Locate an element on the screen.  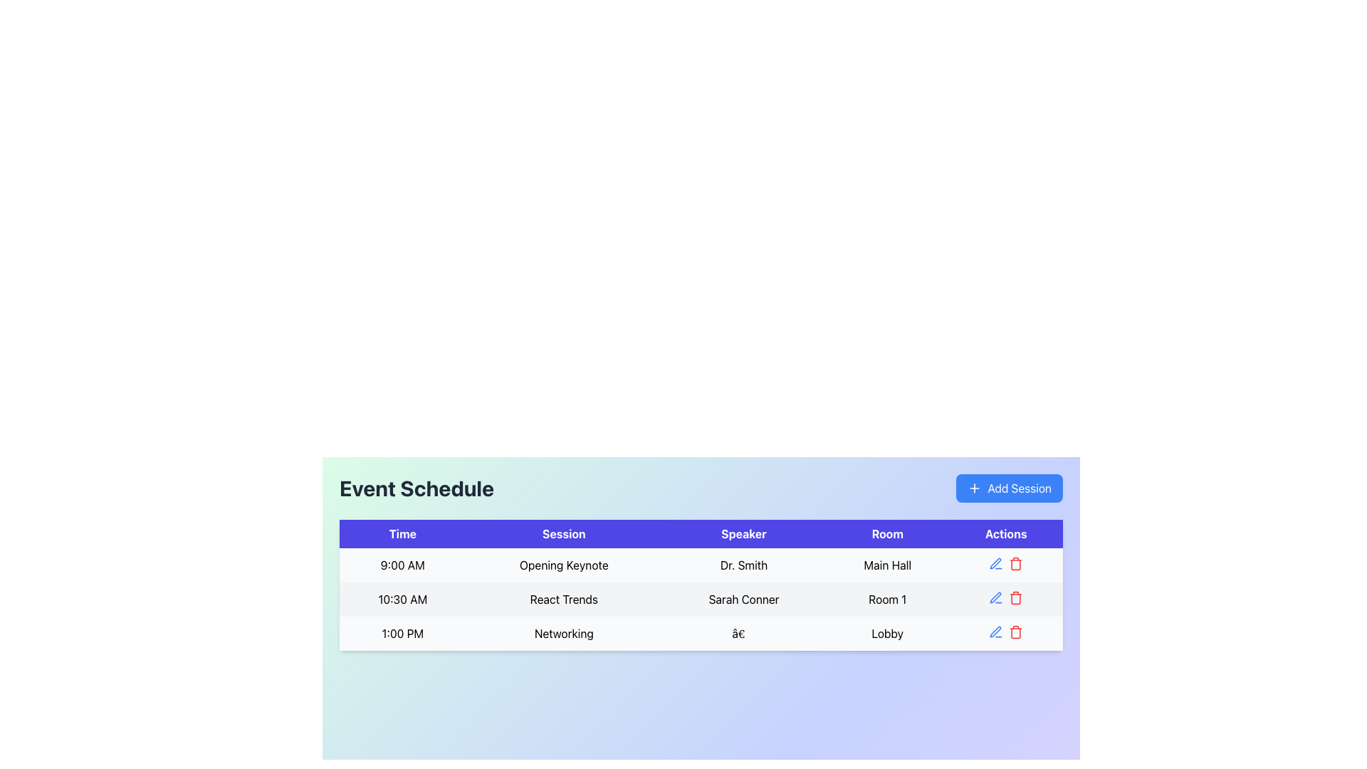
the trash can-shaped delete icon located in the 'Actions' column of the second row in the 'Event Schedule' table is located at coordinates (1015, 599).